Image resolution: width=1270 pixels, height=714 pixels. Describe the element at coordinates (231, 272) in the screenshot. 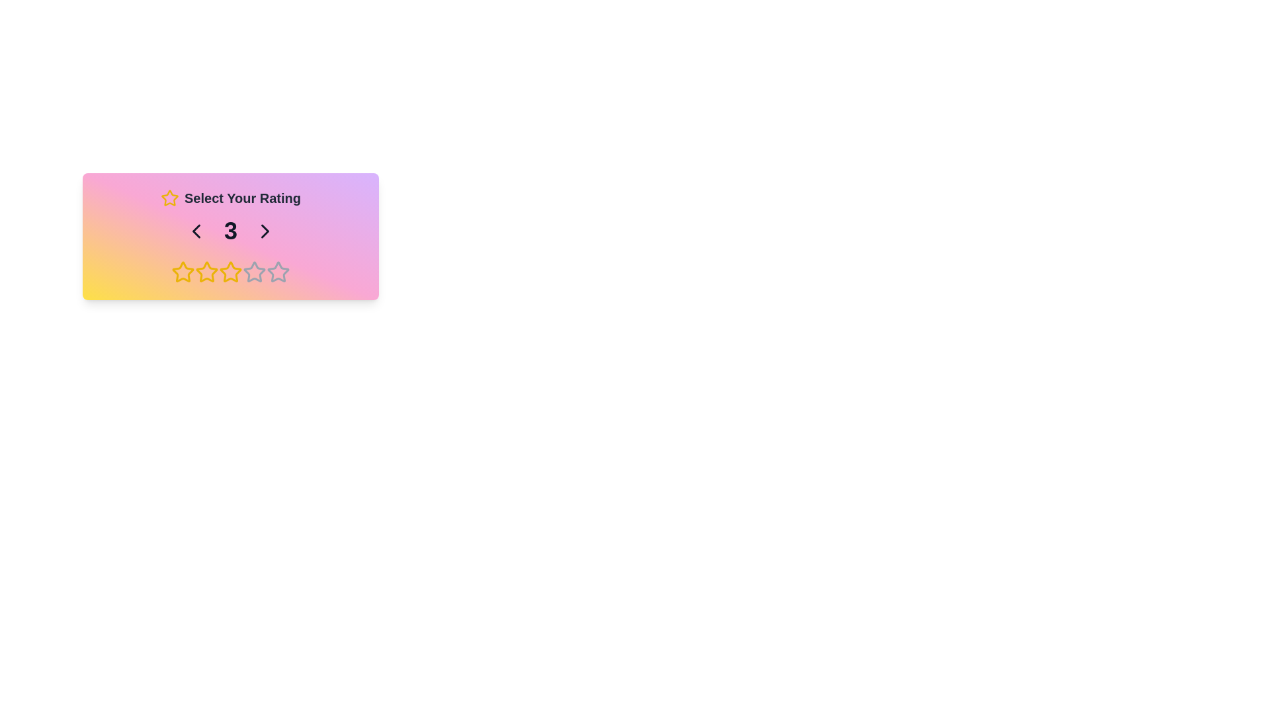

I see `the row of five star icons in the rating system, where the third star is highlighted in yellow, located beneath the numeric rating display '3'` at that location.